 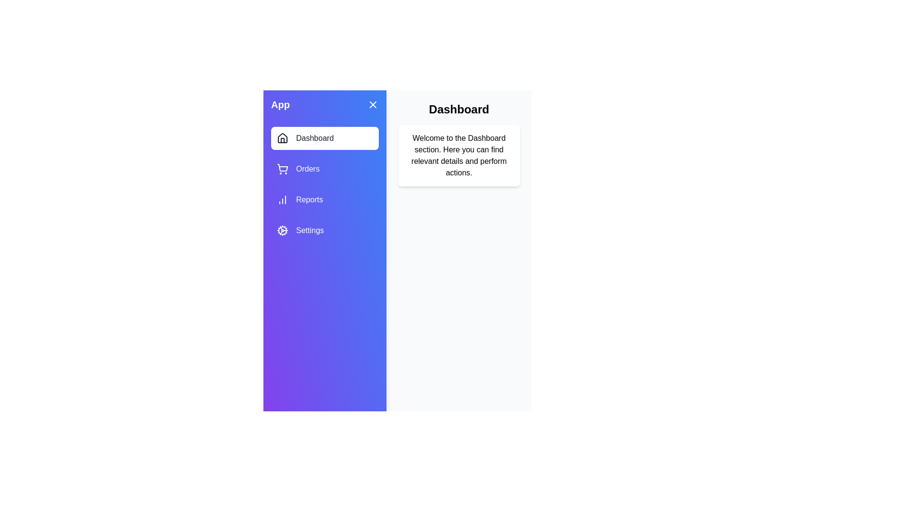 What do you see at coordinates (325, 230) in the screenshot?
I see `the Settings section by clicking on its corresponding navigation item` at bounding box center [325, 230].